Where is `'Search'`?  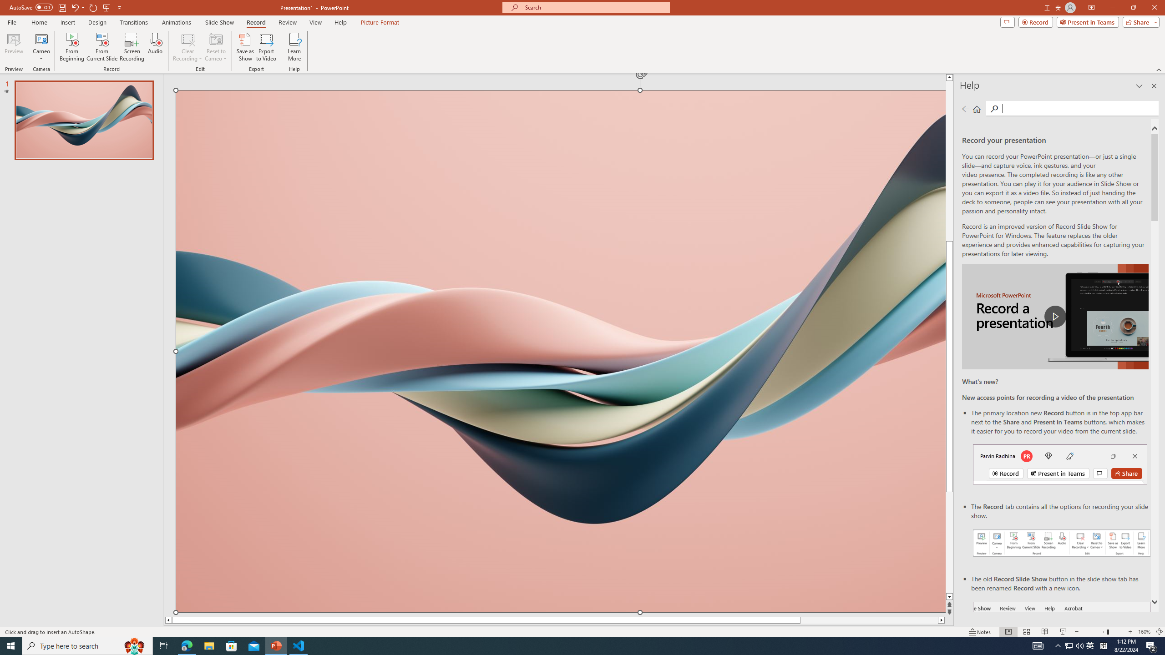
'Search' is located at coordinates (1078, 108).